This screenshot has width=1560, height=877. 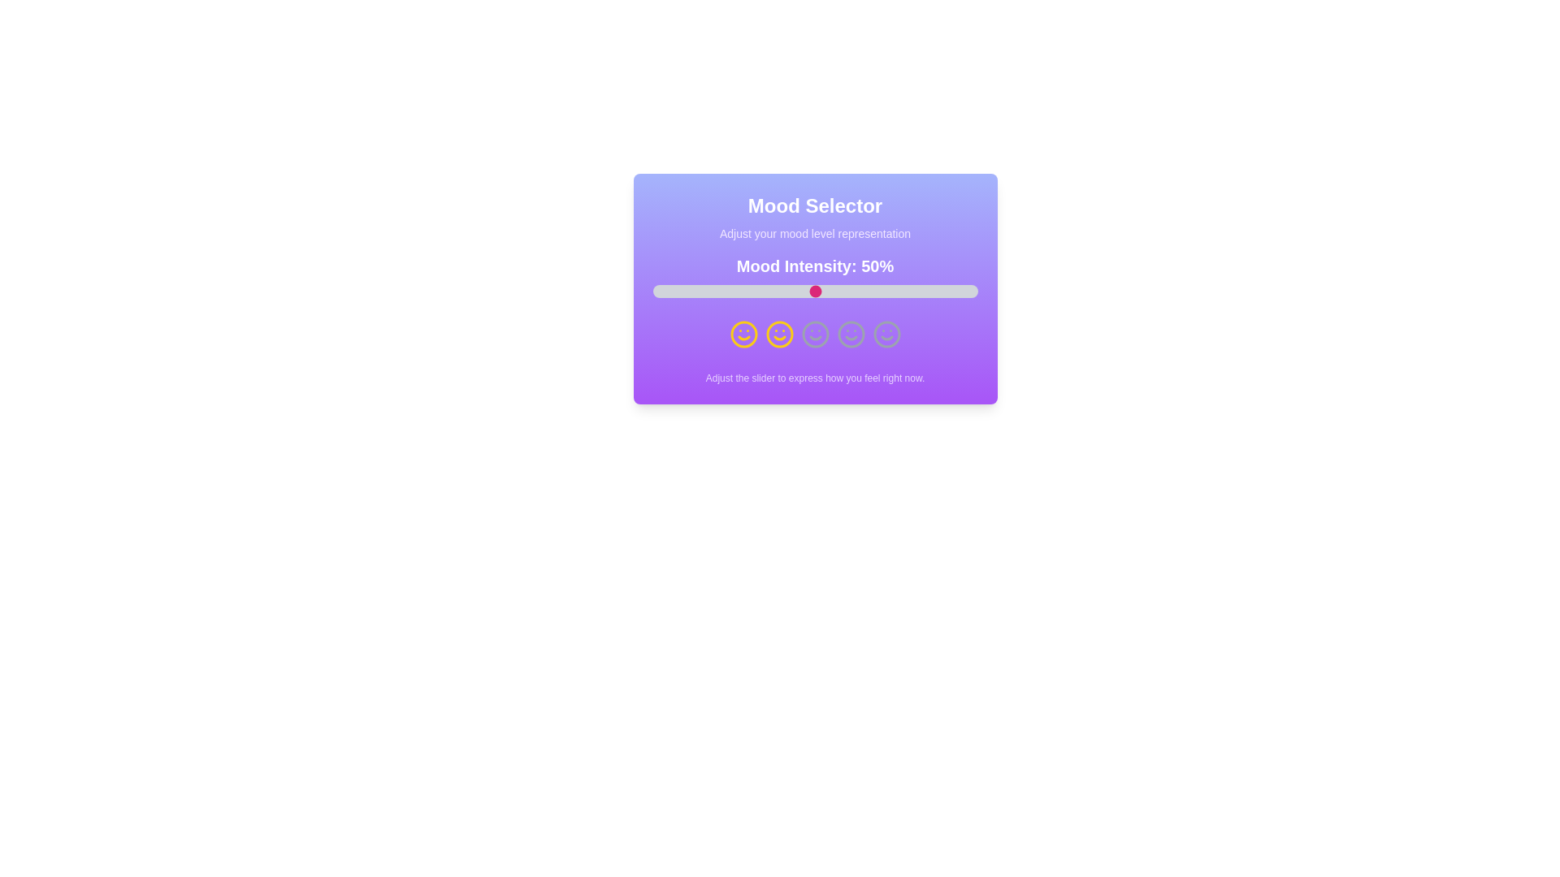 What do you see at coordinates (942, 290) in the screenshot?
I see `the slider to set the mood intensity to 89%` at bounding box center [942, 290].